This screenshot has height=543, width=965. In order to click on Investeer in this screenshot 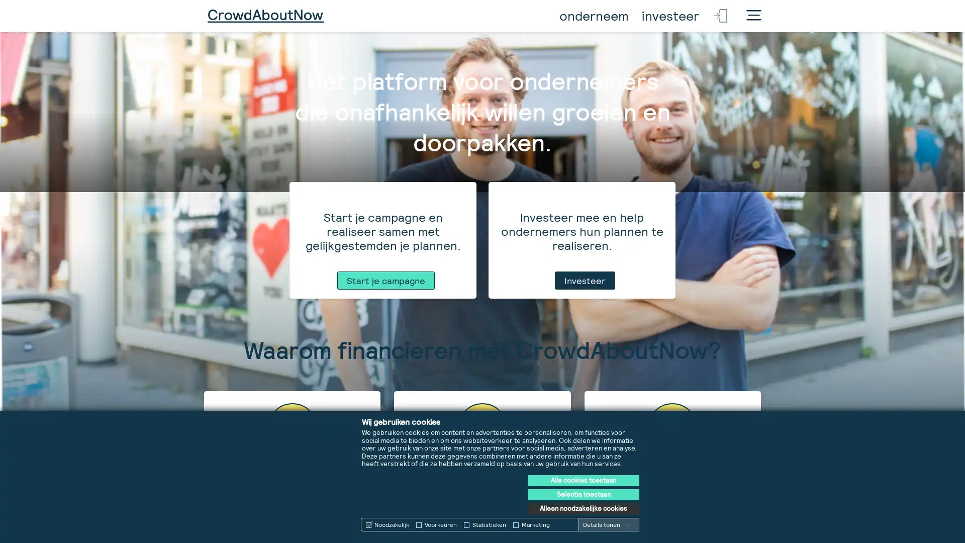, I will do `click(585, 527)`.